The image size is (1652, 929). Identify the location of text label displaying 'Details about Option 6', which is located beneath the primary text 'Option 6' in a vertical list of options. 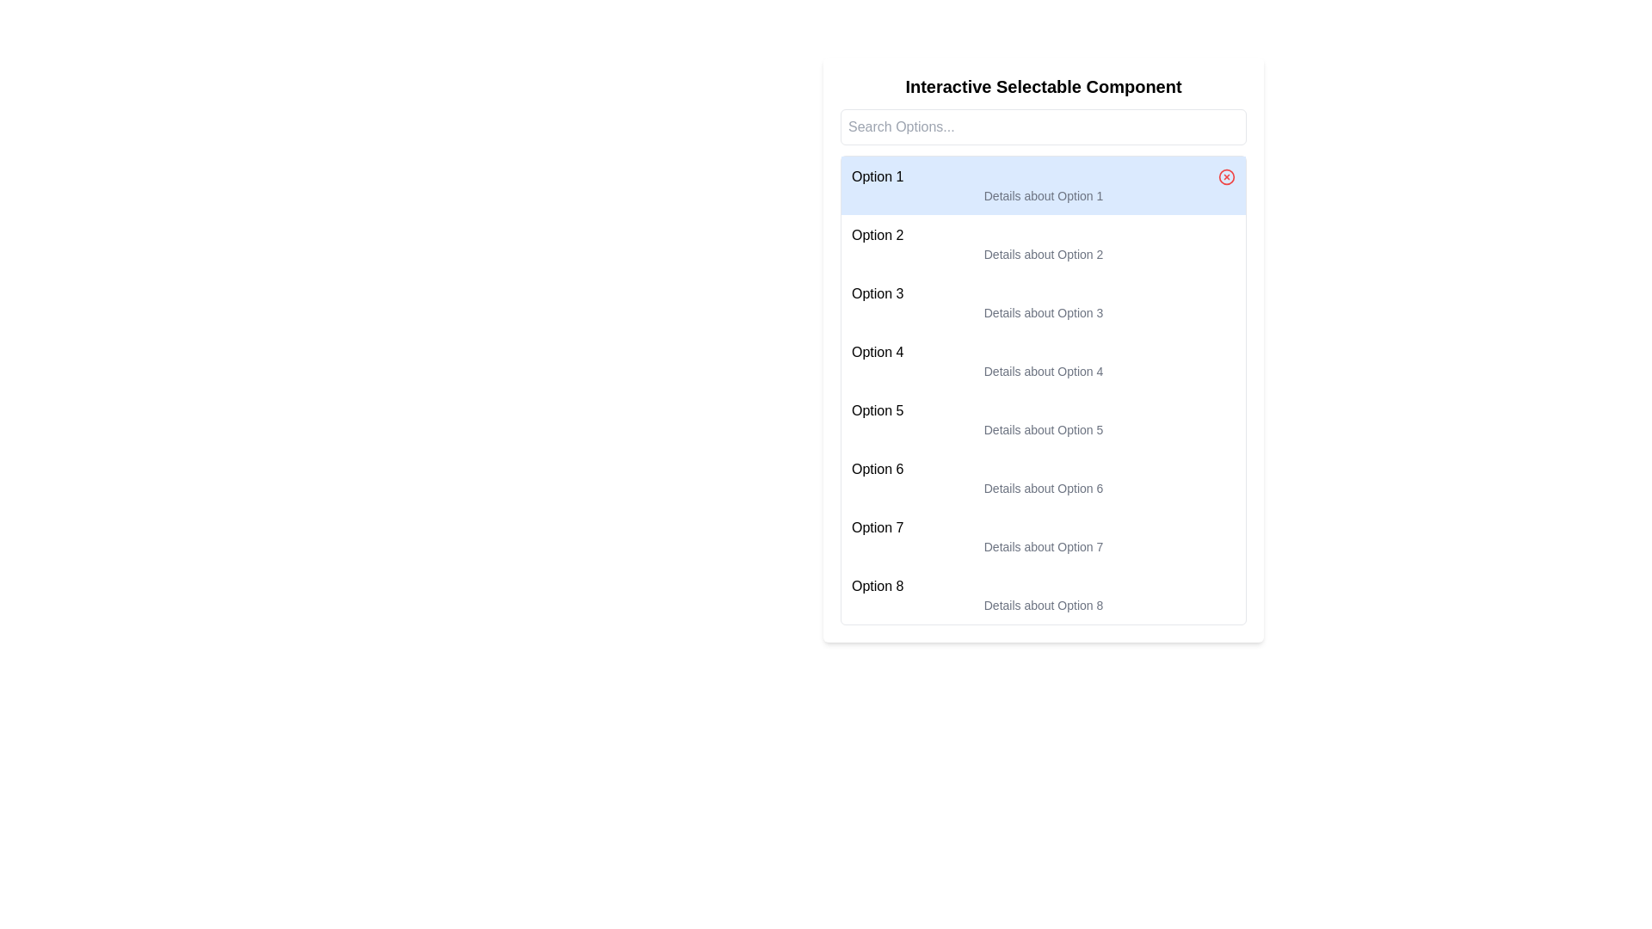
(1043, 488).